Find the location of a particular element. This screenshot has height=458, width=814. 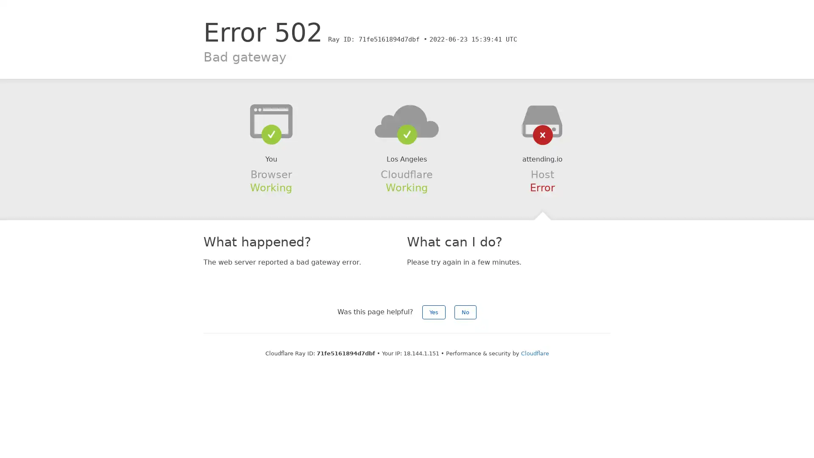

No is located at coordinates (465, 312).